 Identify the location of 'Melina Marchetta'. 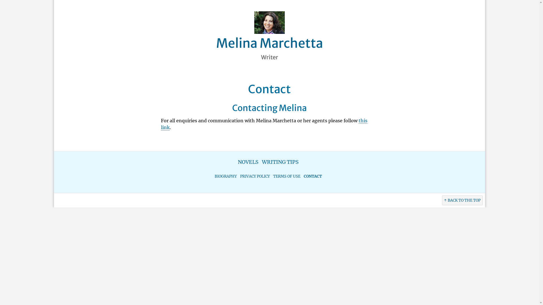
(269, 43).